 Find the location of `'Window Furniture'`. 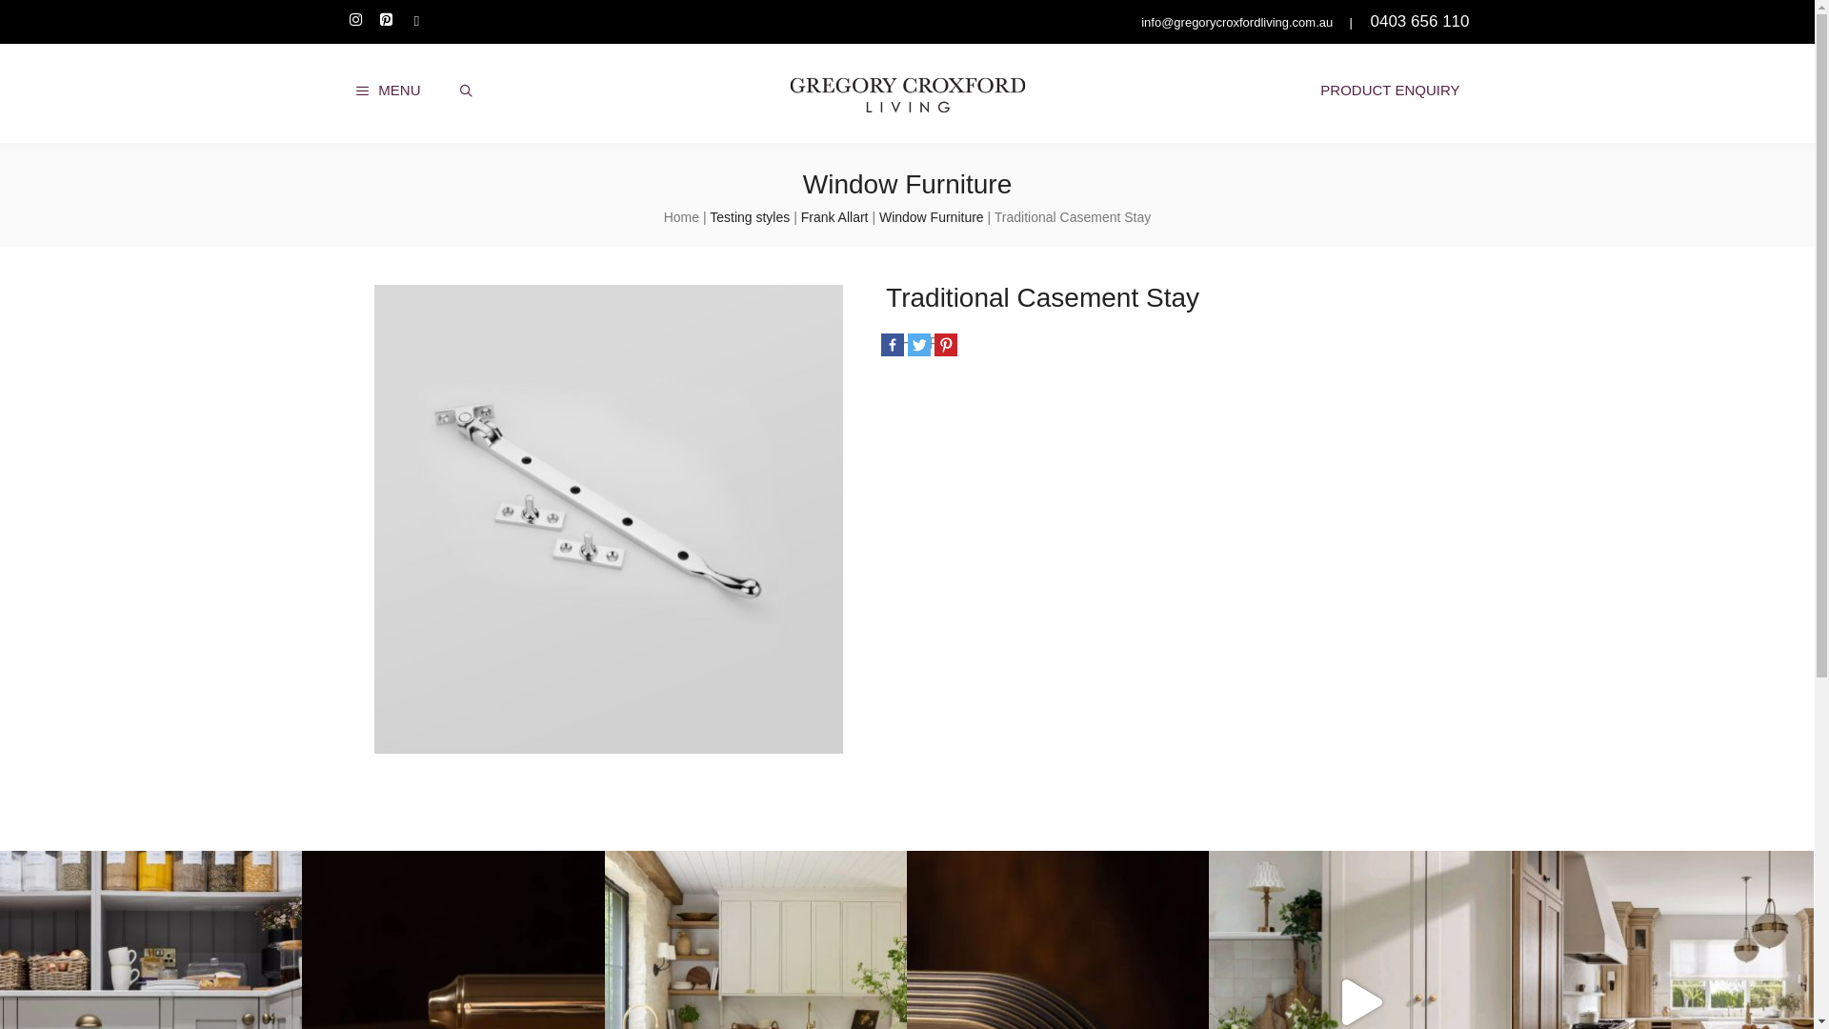

'Window Furniture' is located at coordinates (932, 215).